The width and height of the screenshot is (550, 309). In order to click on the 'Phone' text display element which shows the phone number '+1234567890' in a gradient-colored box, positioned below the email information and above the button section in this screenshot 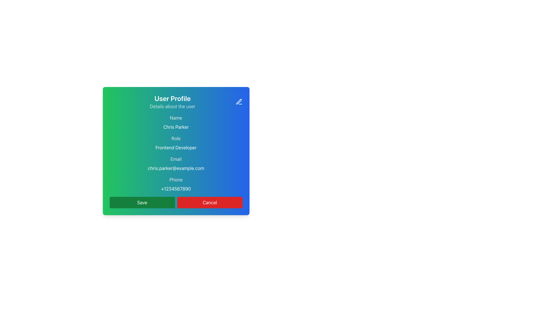, I will do `click(176, 184)`.